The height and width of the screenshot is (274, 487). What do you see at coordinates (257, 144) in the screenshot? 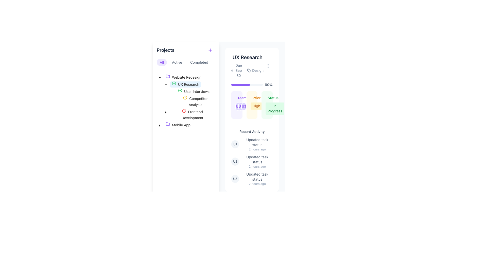
I see `the related details linked in the text block titled 'Updated task status' with timestamp '2 hours ago' located in the 'Recent Activity' section under the 'UX Research' project` at bounding box center [257, 144].